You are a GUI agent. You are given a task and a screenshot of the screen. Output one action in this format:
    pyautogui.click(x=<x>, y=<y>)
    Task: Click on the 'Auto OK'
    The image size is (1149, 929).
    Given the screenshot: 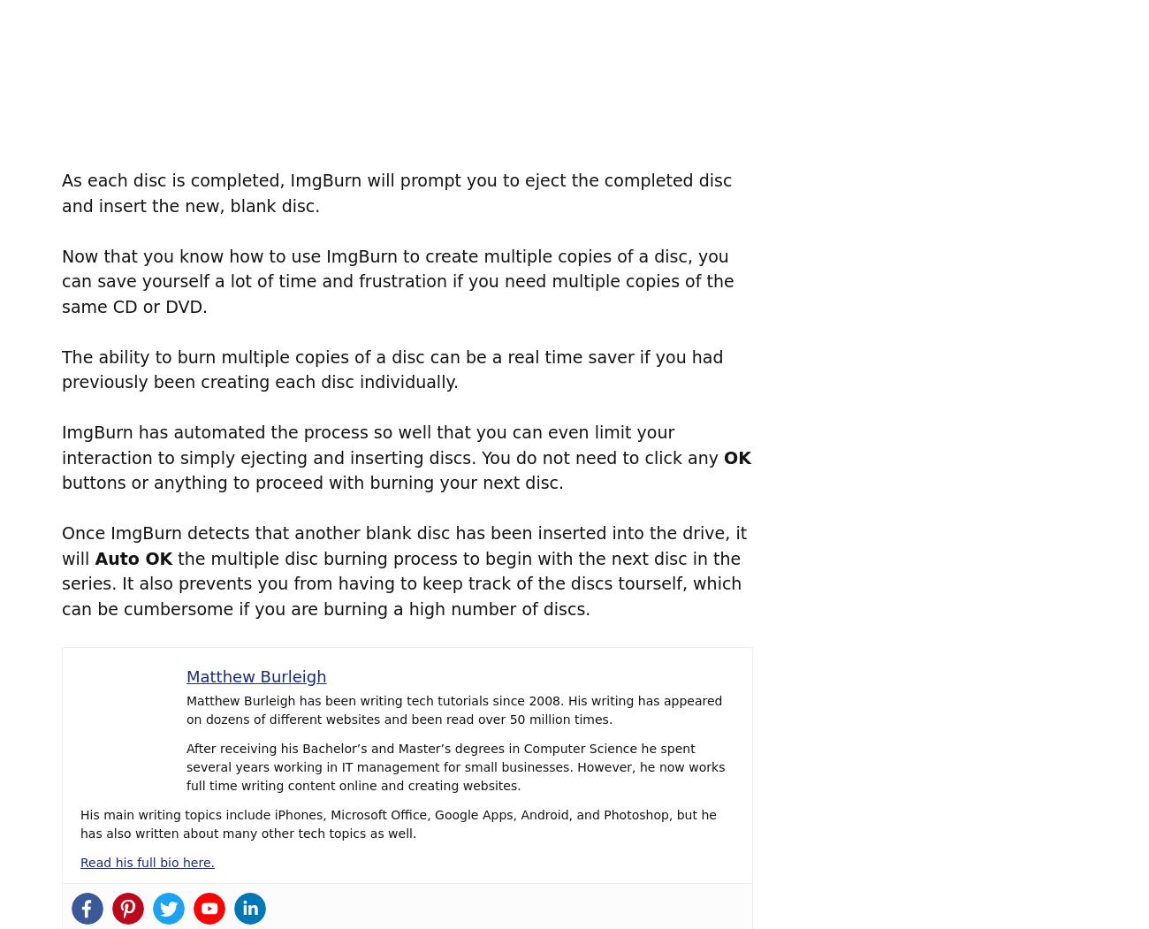 What is the action you would take?
    pyautogui.click(x=133, y=557)
    